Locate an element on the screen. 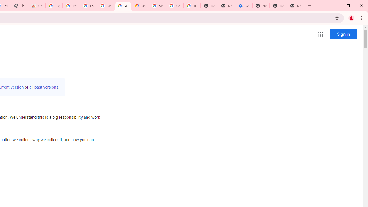 This screenshot has height=207, width=368. 'Google Account Help' is located at coordinates (175, 6).